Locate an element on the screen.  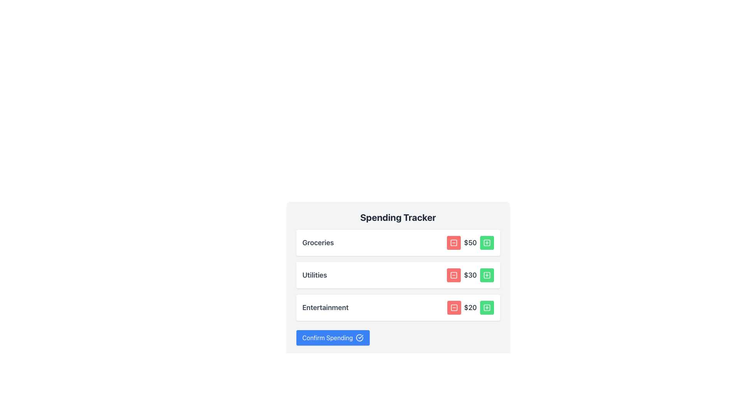
the button located in the spending tracker panel, aligned to the far right of the 'Utilities' row, to increase the value is located at coordinates (486, 275).